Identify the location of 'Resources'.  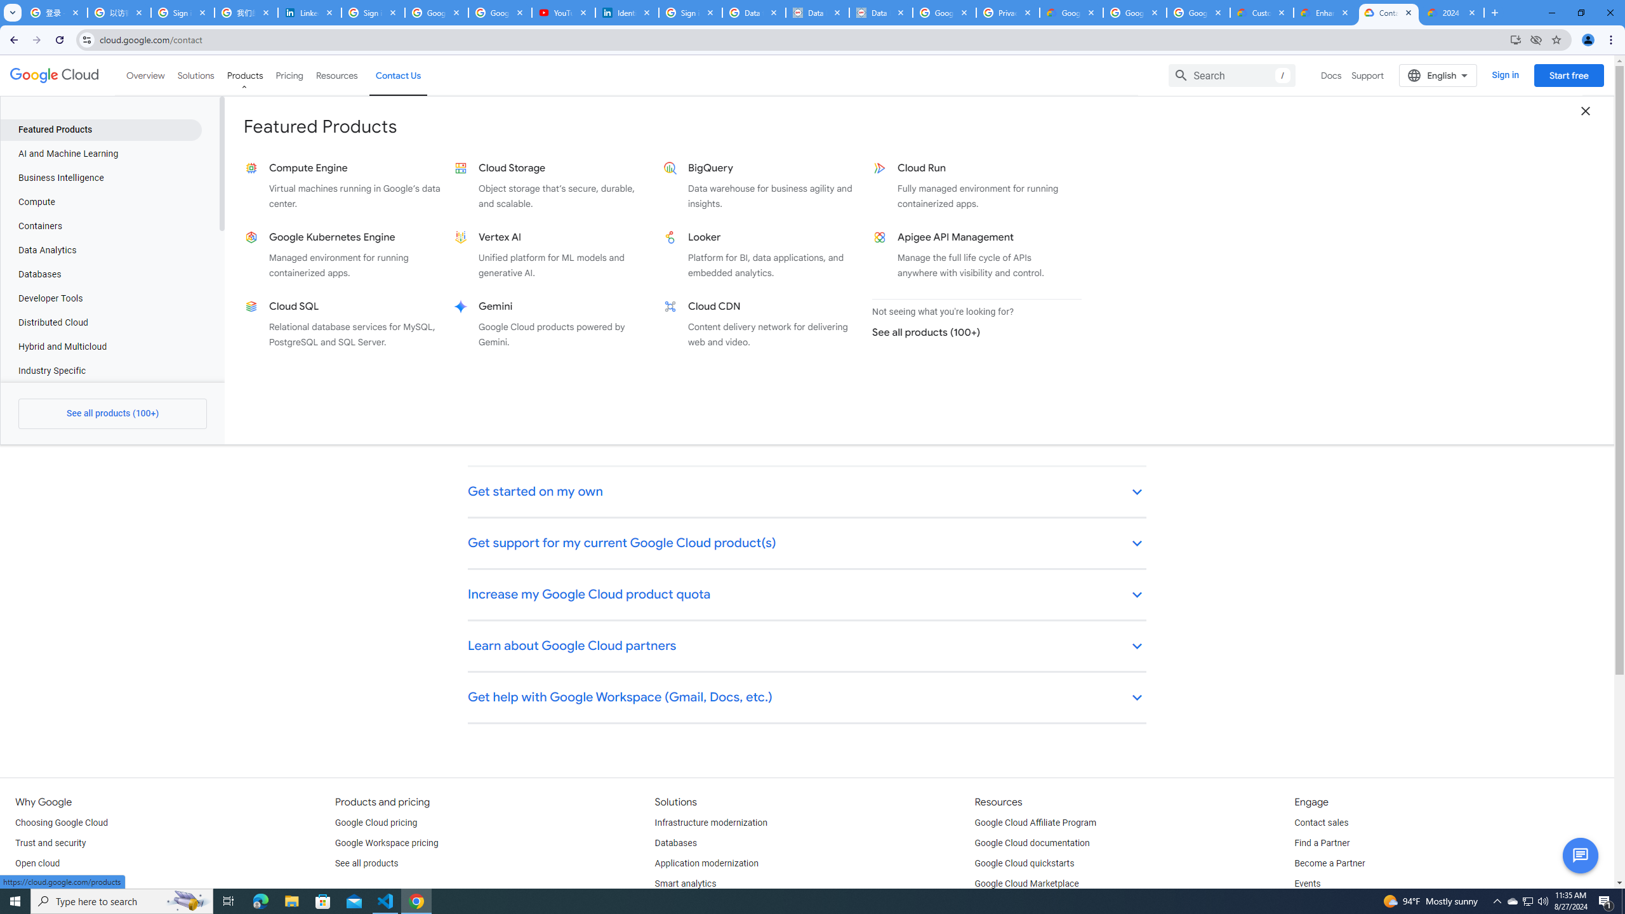
(336, 75).